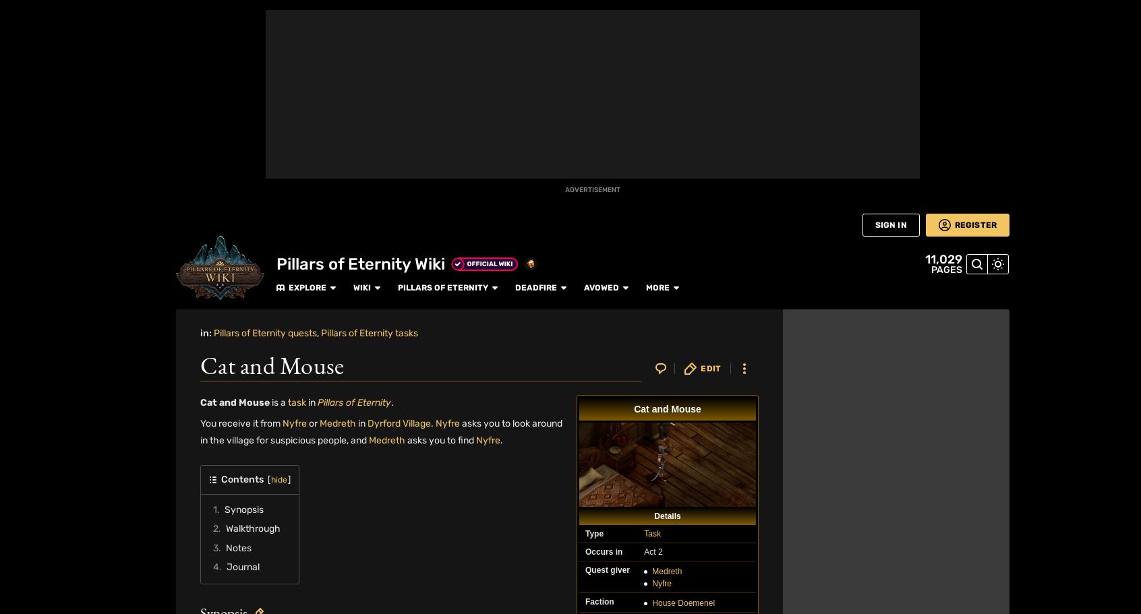 Image resolution: width=1141 pixels, height=614 pixels. Describe the element at coordinates (7, 483) in the screenshot. I see `'Start a Wiki'` at that location.